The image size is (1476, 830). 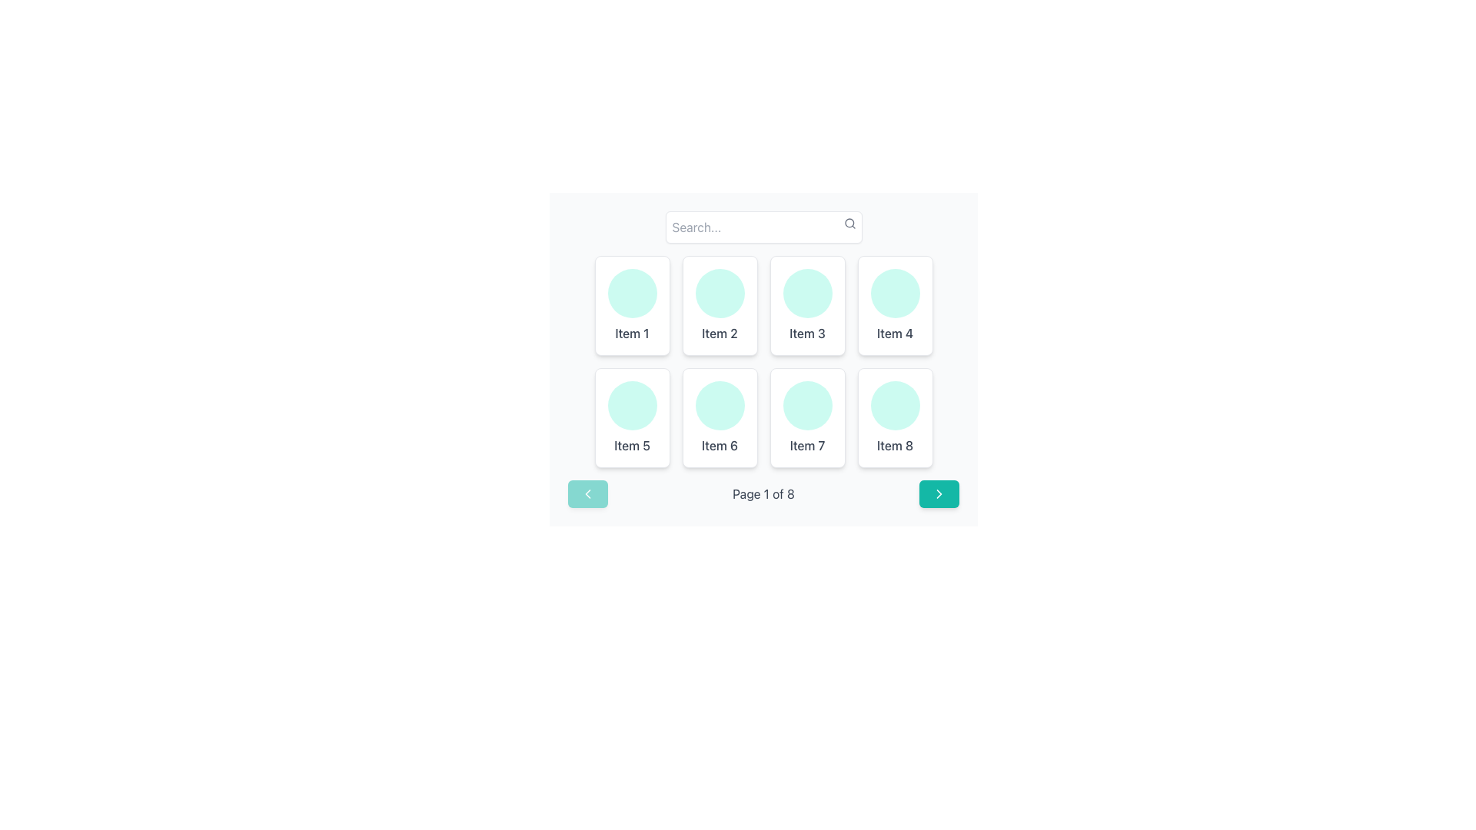 What do you see at coordinates (719, 333) in the screenshot?
I see `the text label displaying 'Item 2' which is part of the second card in the top row of a 2x4 grid structure` at bounding box center [719, 333].